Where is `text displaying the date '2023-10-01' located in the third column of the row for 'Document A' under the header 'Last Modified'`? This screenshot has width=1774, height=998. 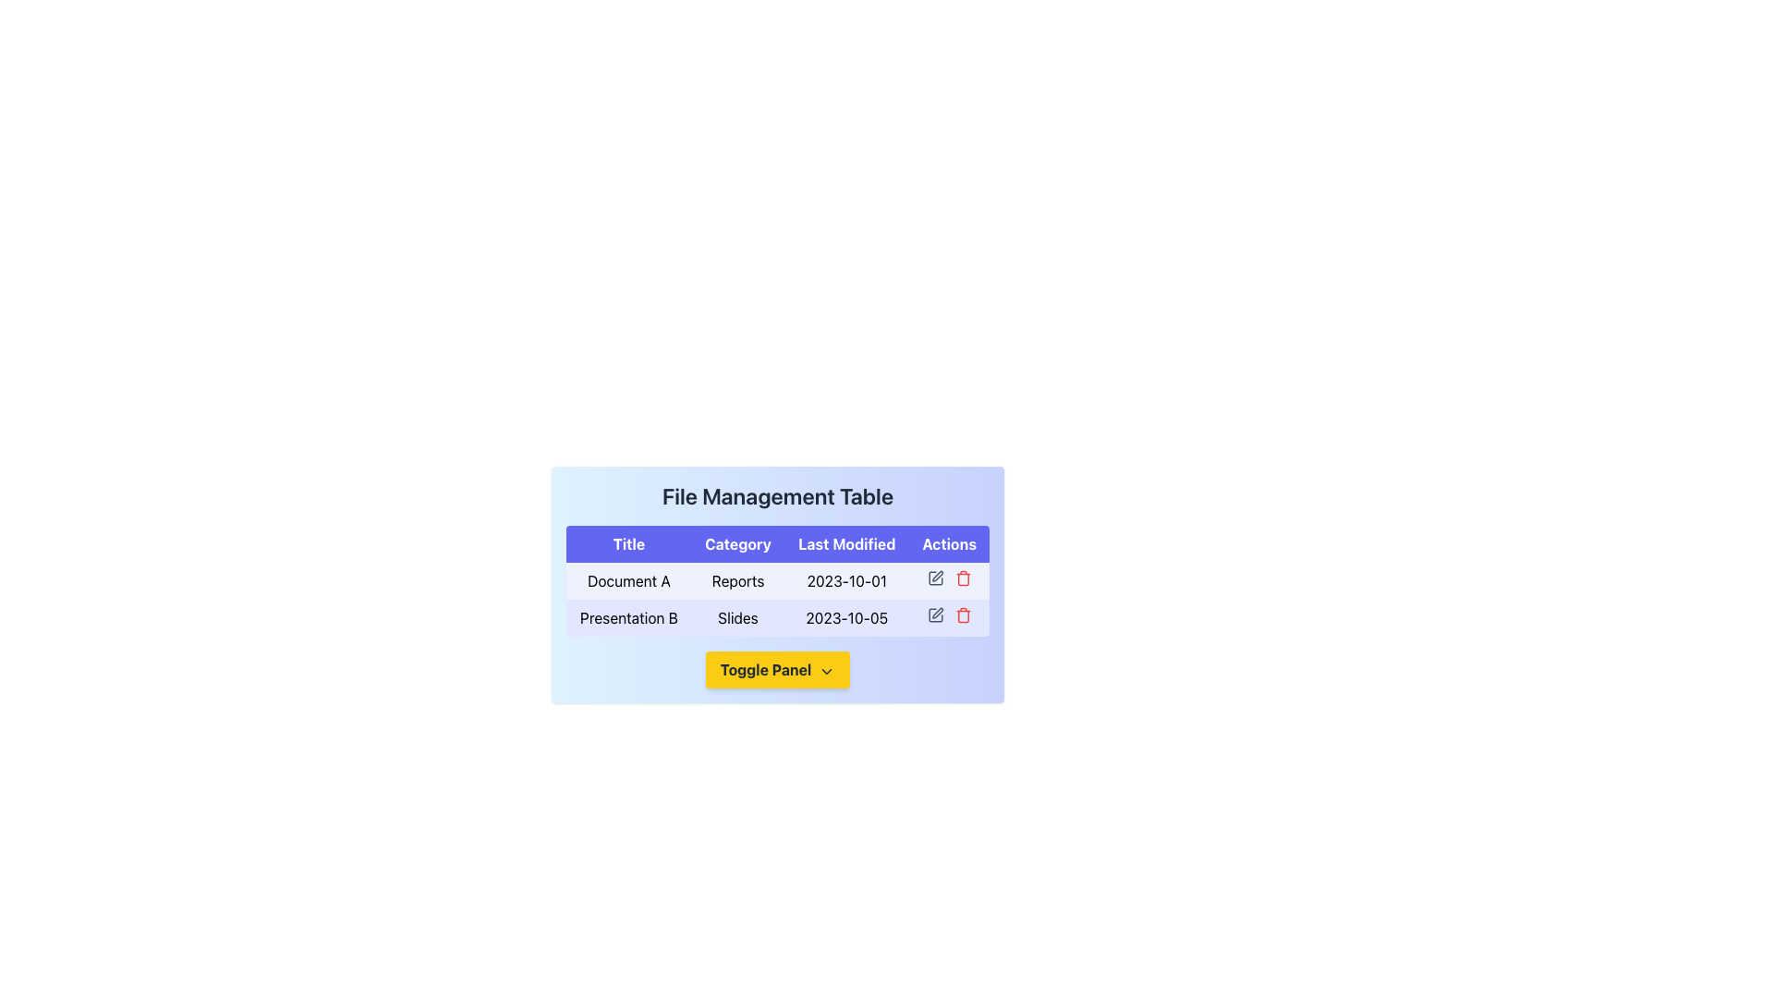
text displaying the date '2023-10-01' located in the third column of the row for 'Document A' under the header 'Last Modified' is located at coordinates (845, 579).